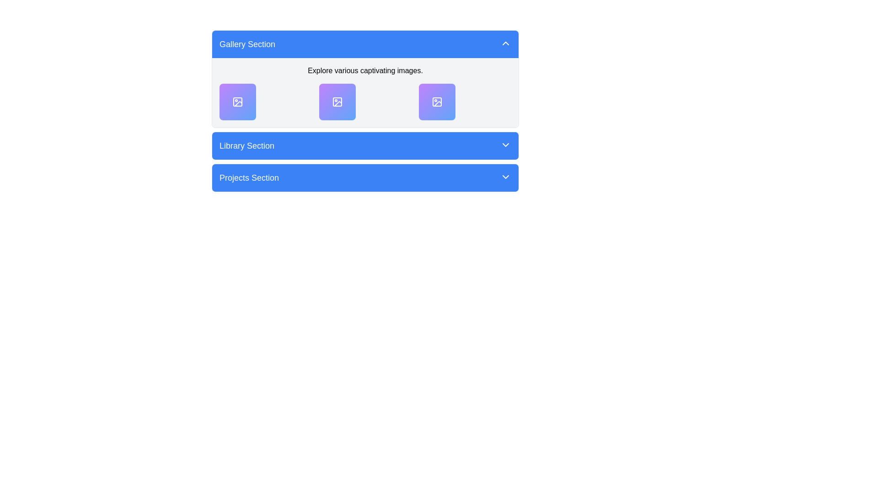  Describe the element at coordinates (505, 177) in the screenshot. I see `the downward-facing chevron icon displayed in a blue button, located on the right edge of the 'Projects Section' bar` at that location.